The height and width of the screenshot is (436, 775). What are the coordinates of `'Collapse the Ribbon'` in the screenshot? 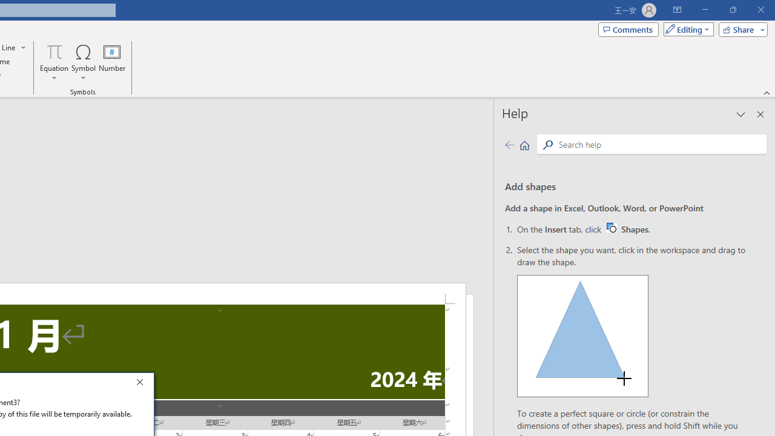 It's located at (767, 92).